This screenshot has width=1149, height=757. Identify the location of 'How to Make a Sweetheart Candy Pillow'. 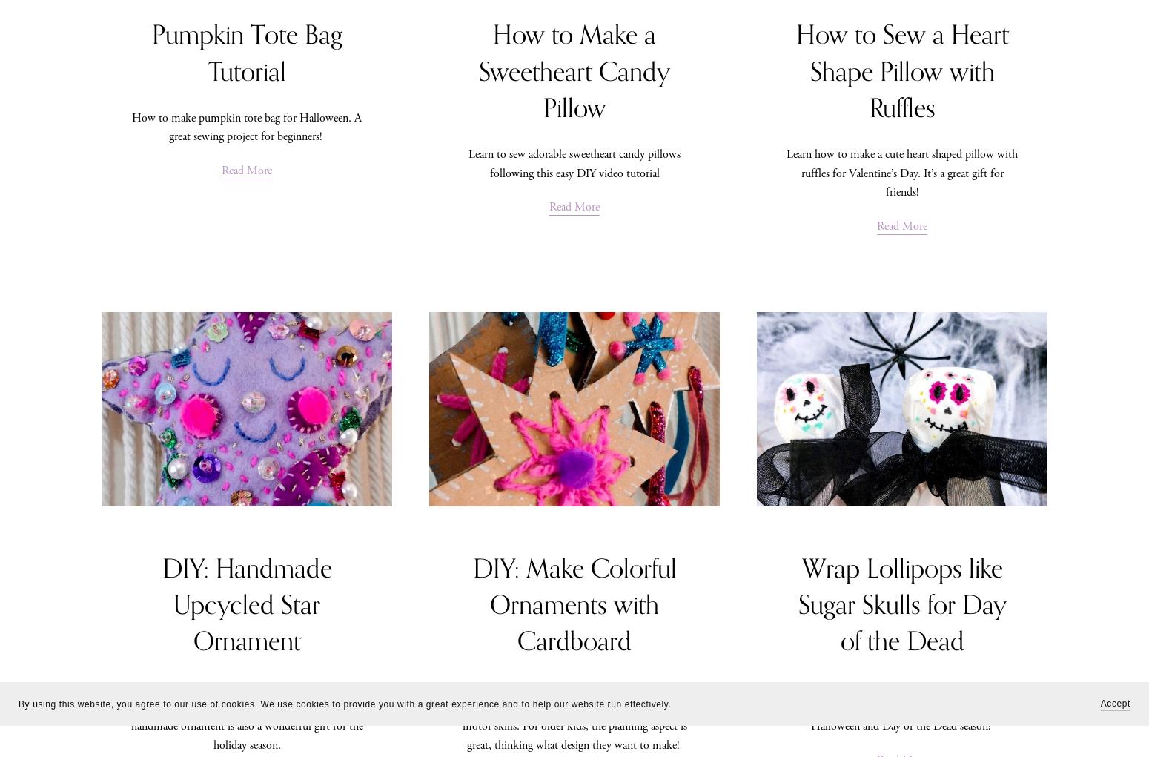
(574, 70).